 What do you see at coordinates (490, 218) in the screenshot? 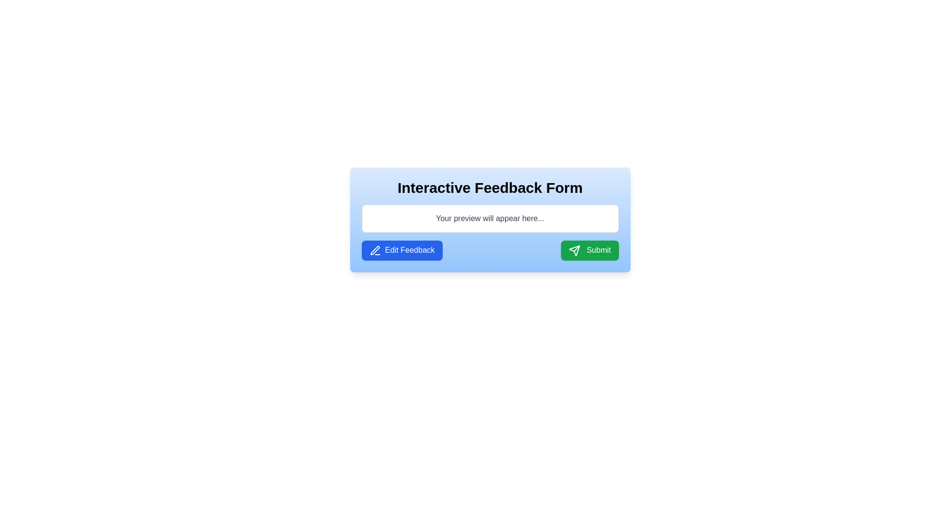
I see `the static text that provides information about the preview of user input in the 'Interactive Feedback Form', located in the center of a white rectangular box beneath the title and above the buttons` at bounding box center [490, 218].